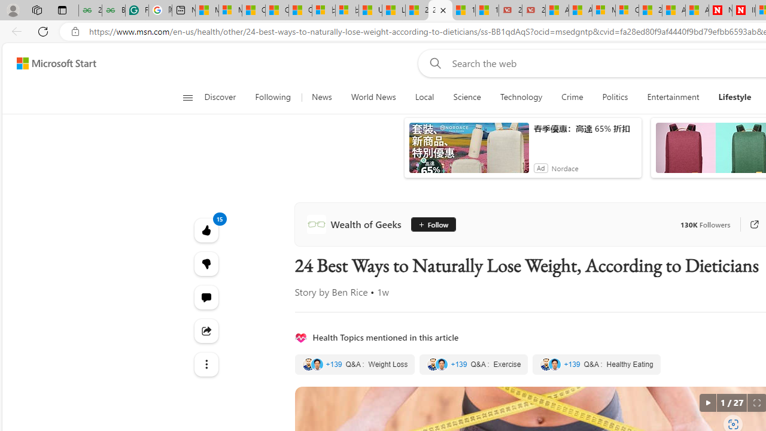  Describe the element at coordinates (369, 10) in the screenshot. I see `'USA TODAY - MSN'` at that location.